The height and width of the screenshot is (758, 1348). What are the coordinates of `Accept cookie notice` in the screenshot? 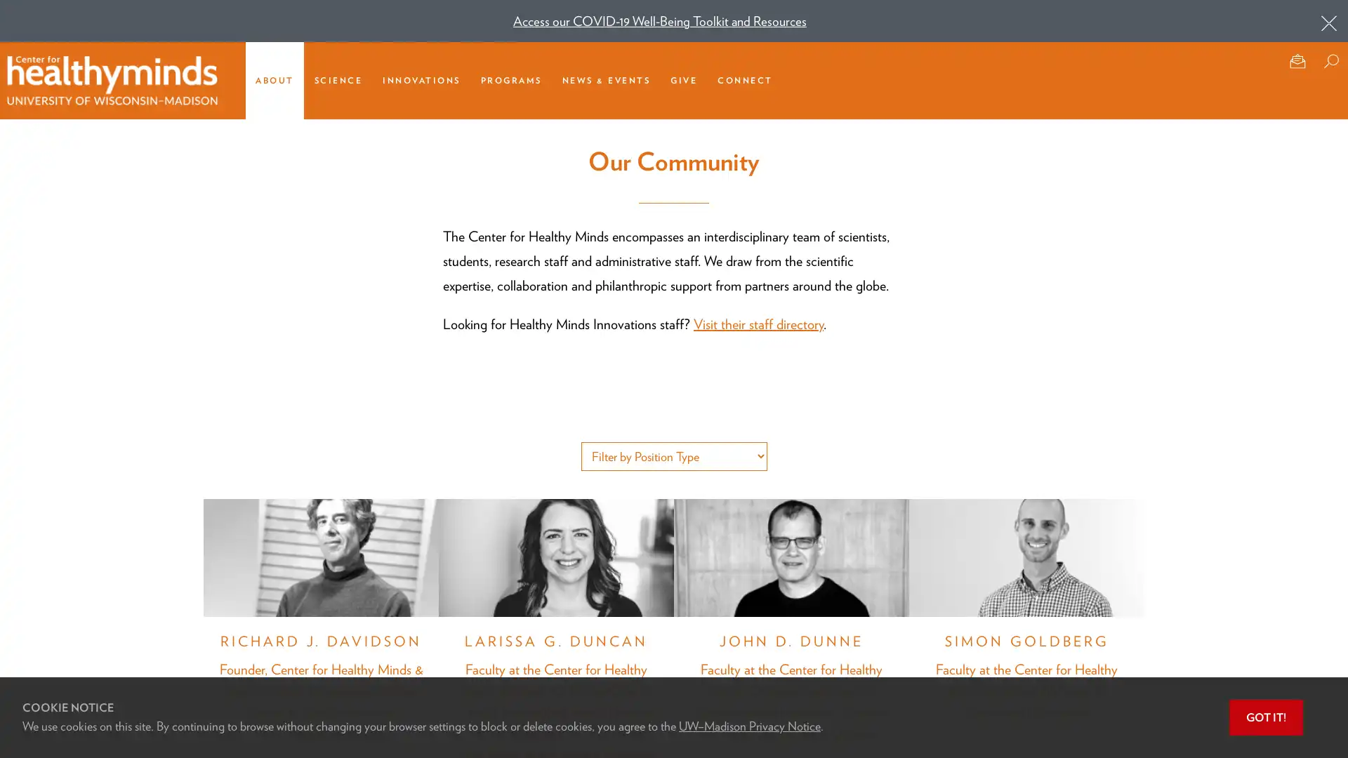 It's located at (1266, 717).